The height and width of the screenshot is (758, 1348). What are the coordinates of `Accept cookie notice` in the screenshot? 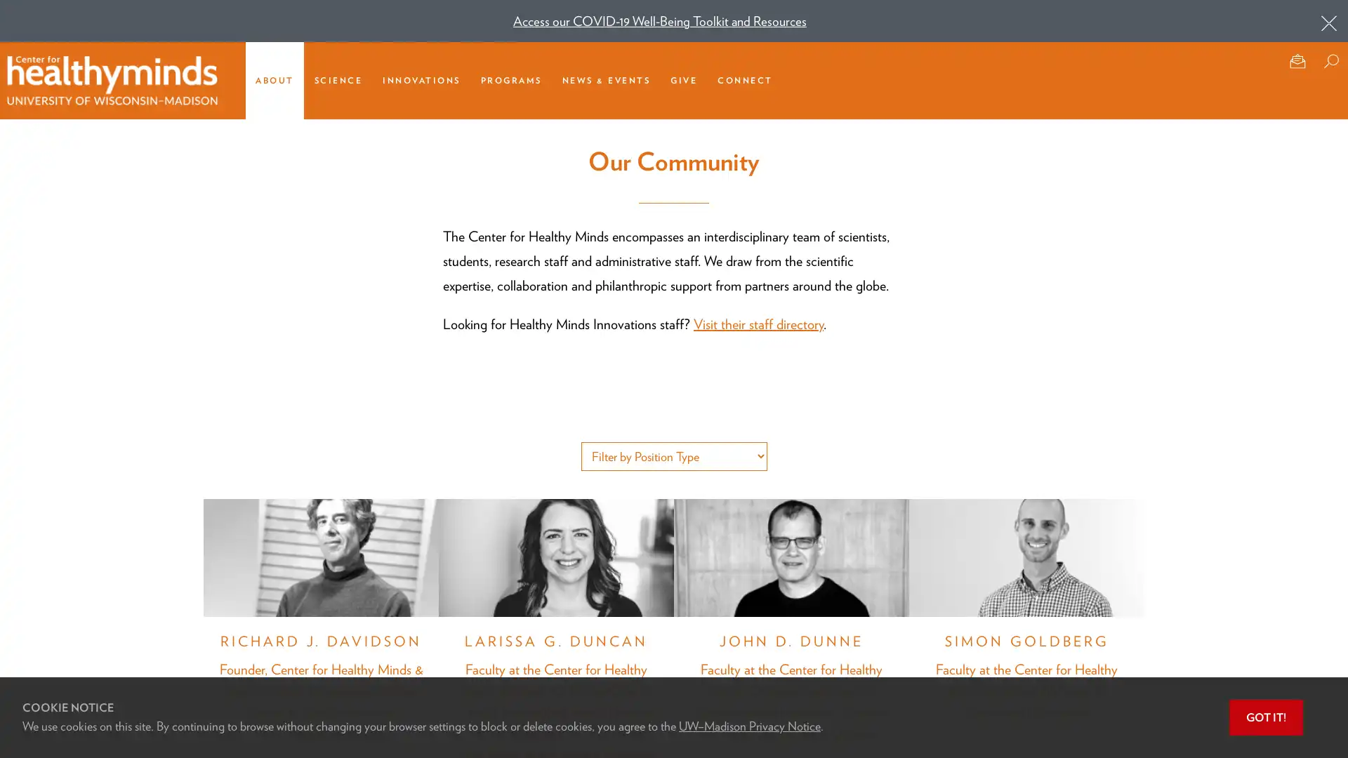 It's located at (1266, 717).